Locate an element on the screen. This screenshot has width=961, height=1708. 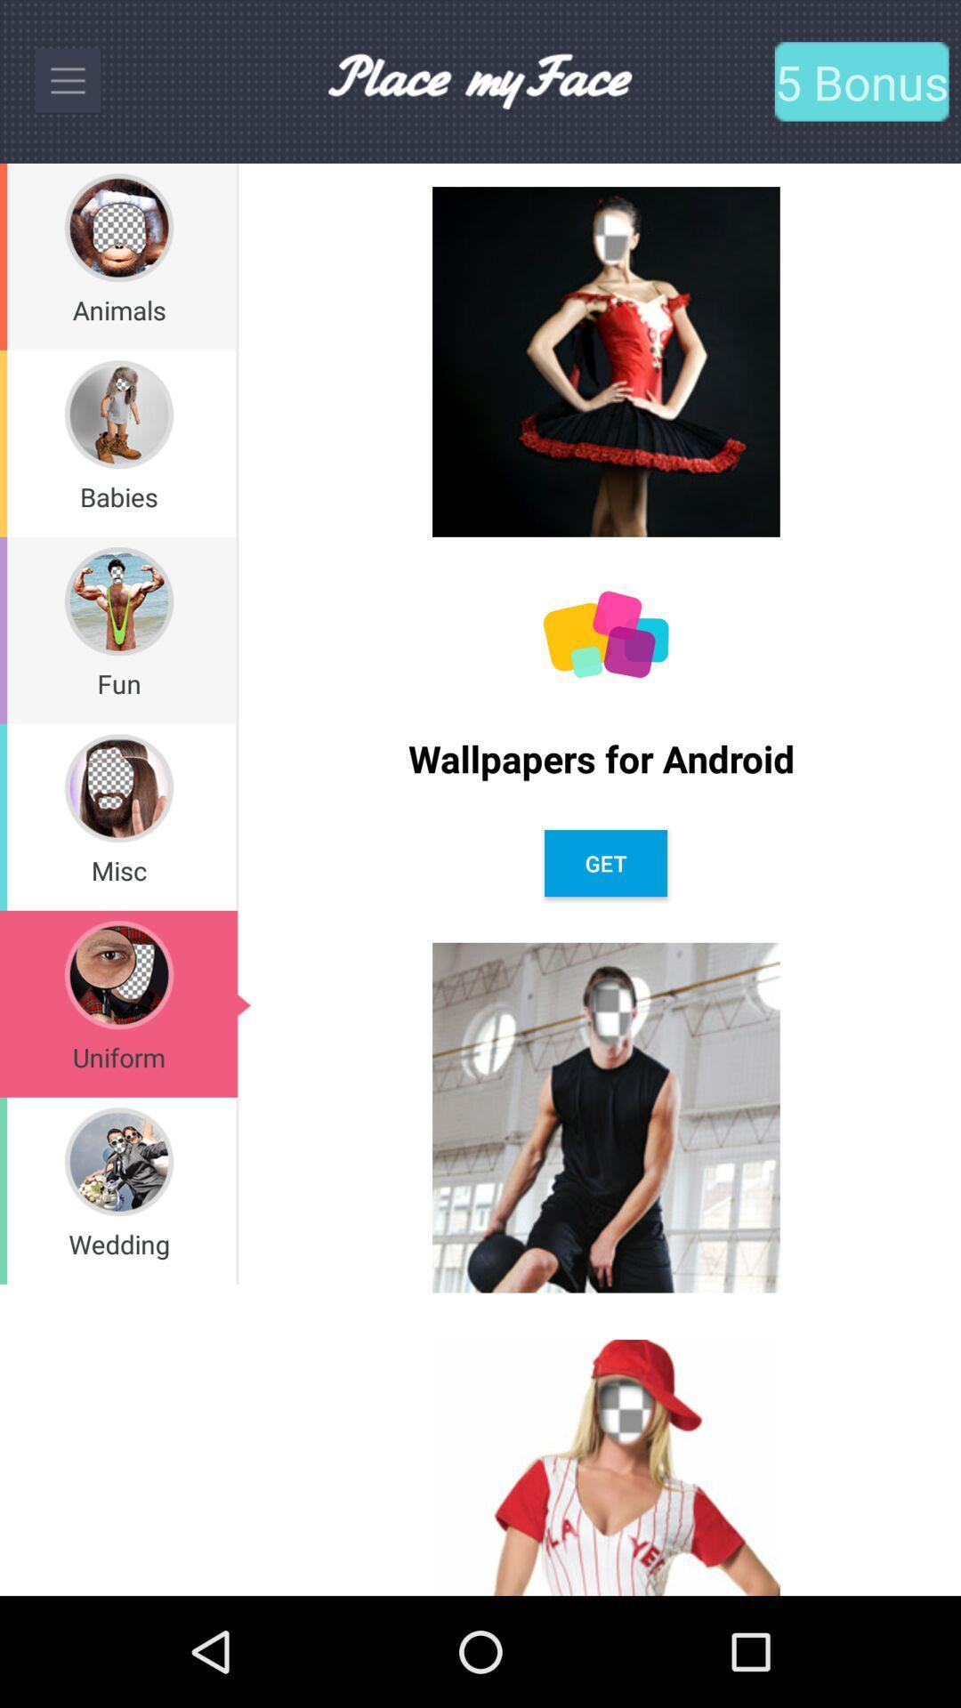
wallpapers for android  app is located at coordinates (605, 758).